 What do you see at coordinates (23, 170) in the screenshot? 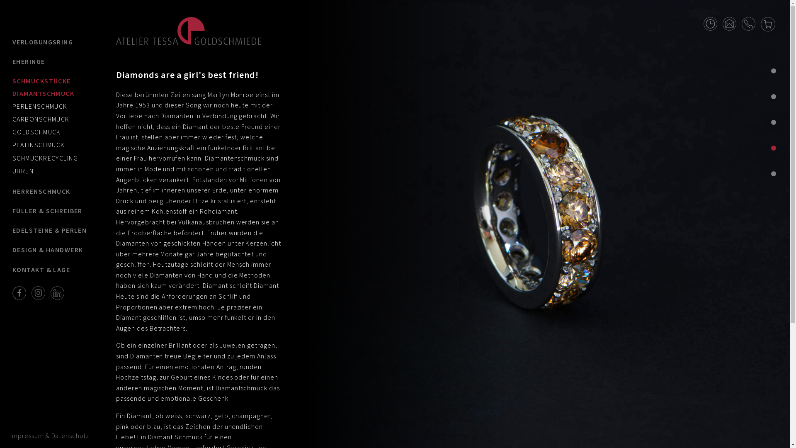
I see `'UHREN'` at bounding box center [23, 170].